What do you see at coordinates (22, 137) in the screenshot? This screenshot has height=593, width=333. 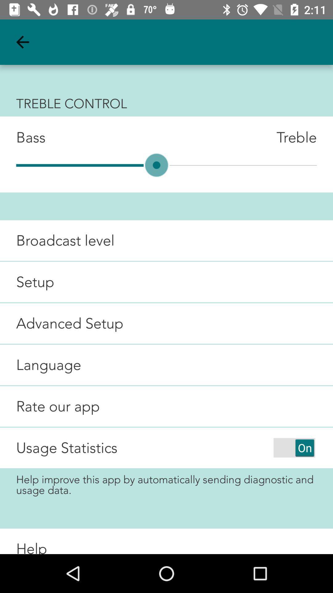 I see `the item below treble control` at bounding box center [22, 137].